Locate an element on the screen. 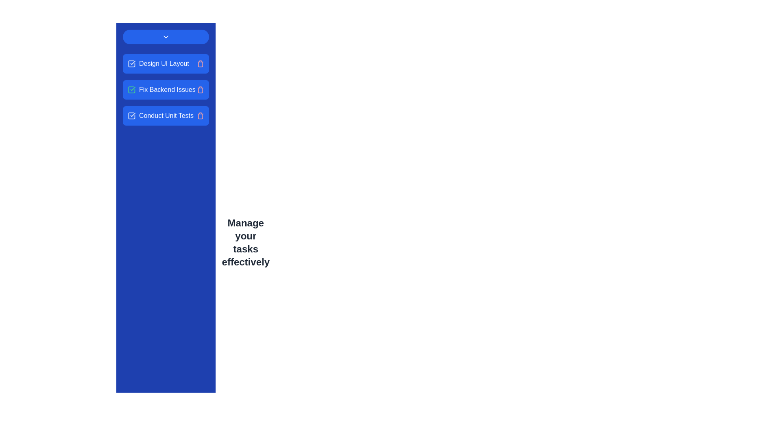 The width and height of the screenshot is (781, 439). the 'Fix Backend Issues' button is located at coordinates (165, 89).